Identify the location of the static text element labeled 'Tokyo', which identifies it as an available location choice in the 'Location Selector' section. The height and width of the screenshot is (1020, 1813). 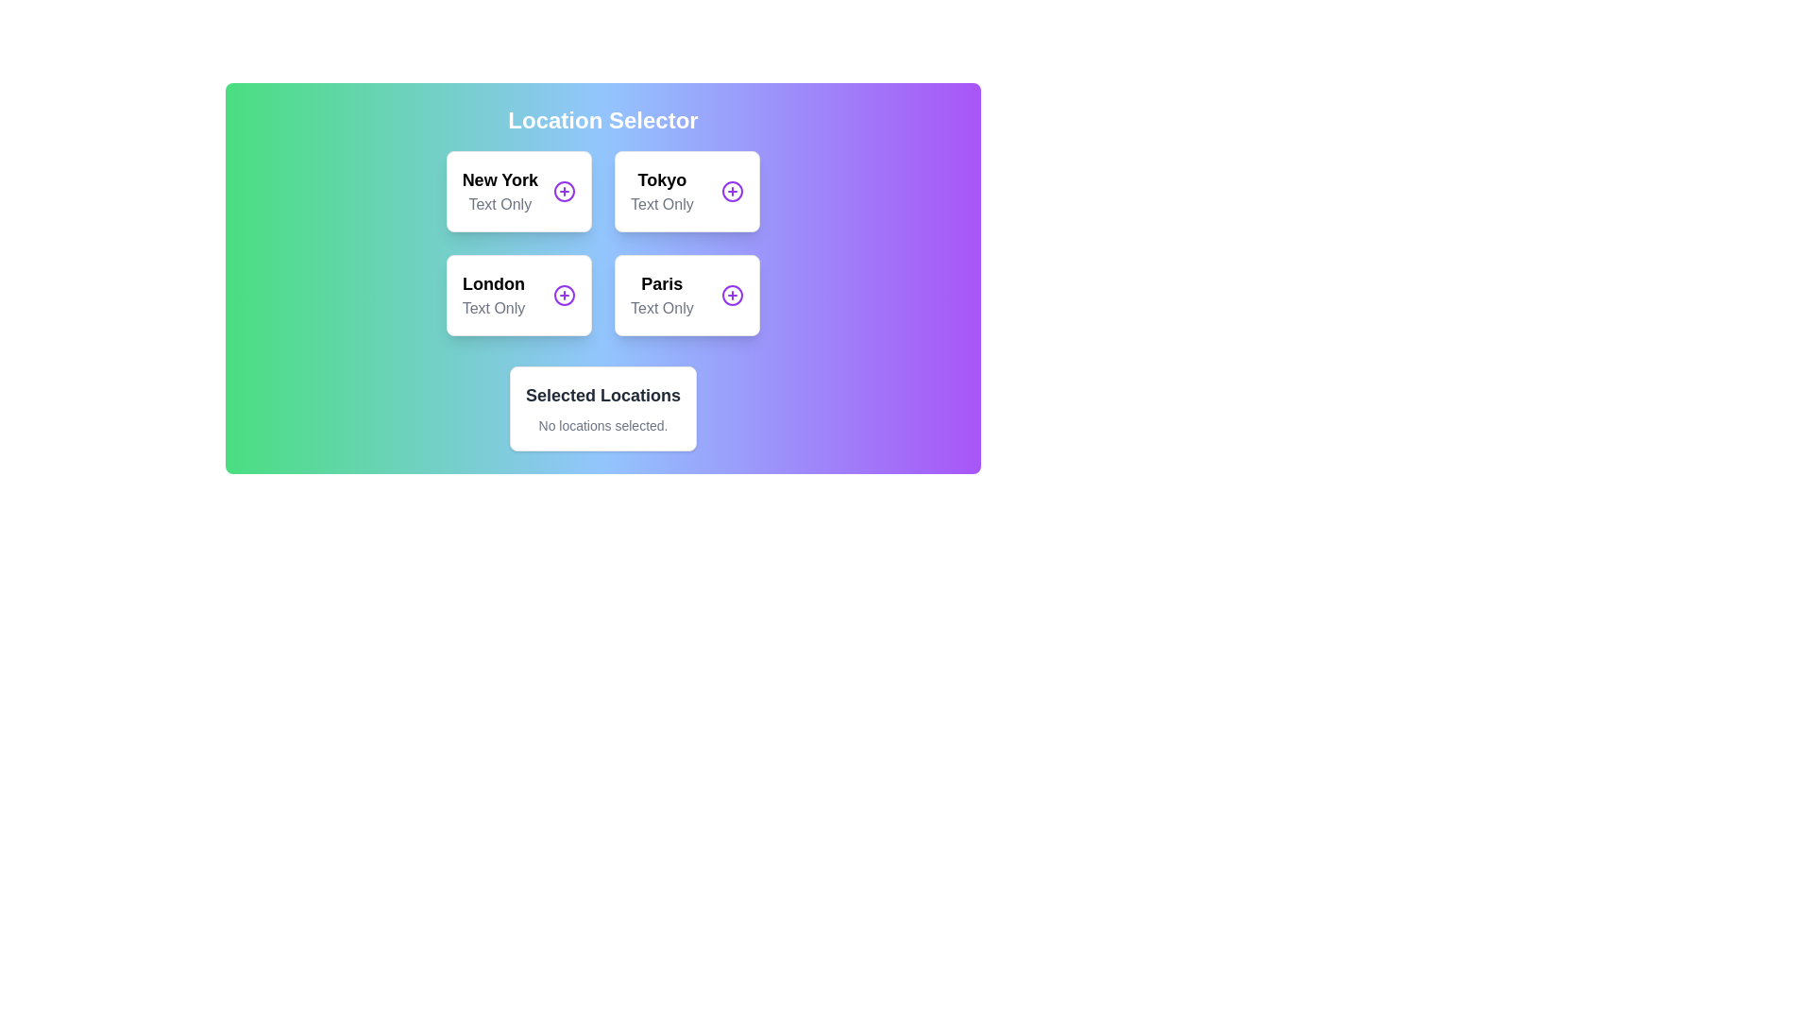
(662, 180).